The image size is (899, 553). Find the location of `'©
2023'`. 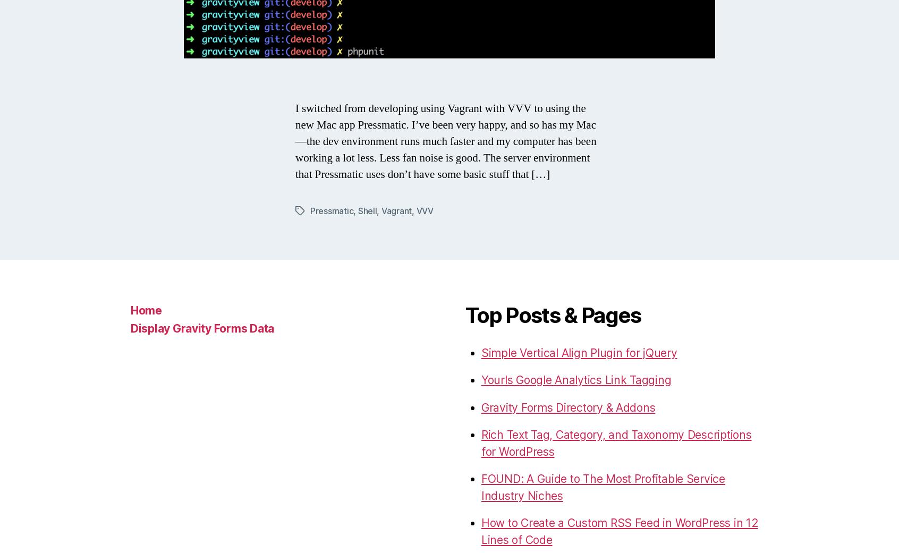

'©
2023' is located at coordinates (149, 490).